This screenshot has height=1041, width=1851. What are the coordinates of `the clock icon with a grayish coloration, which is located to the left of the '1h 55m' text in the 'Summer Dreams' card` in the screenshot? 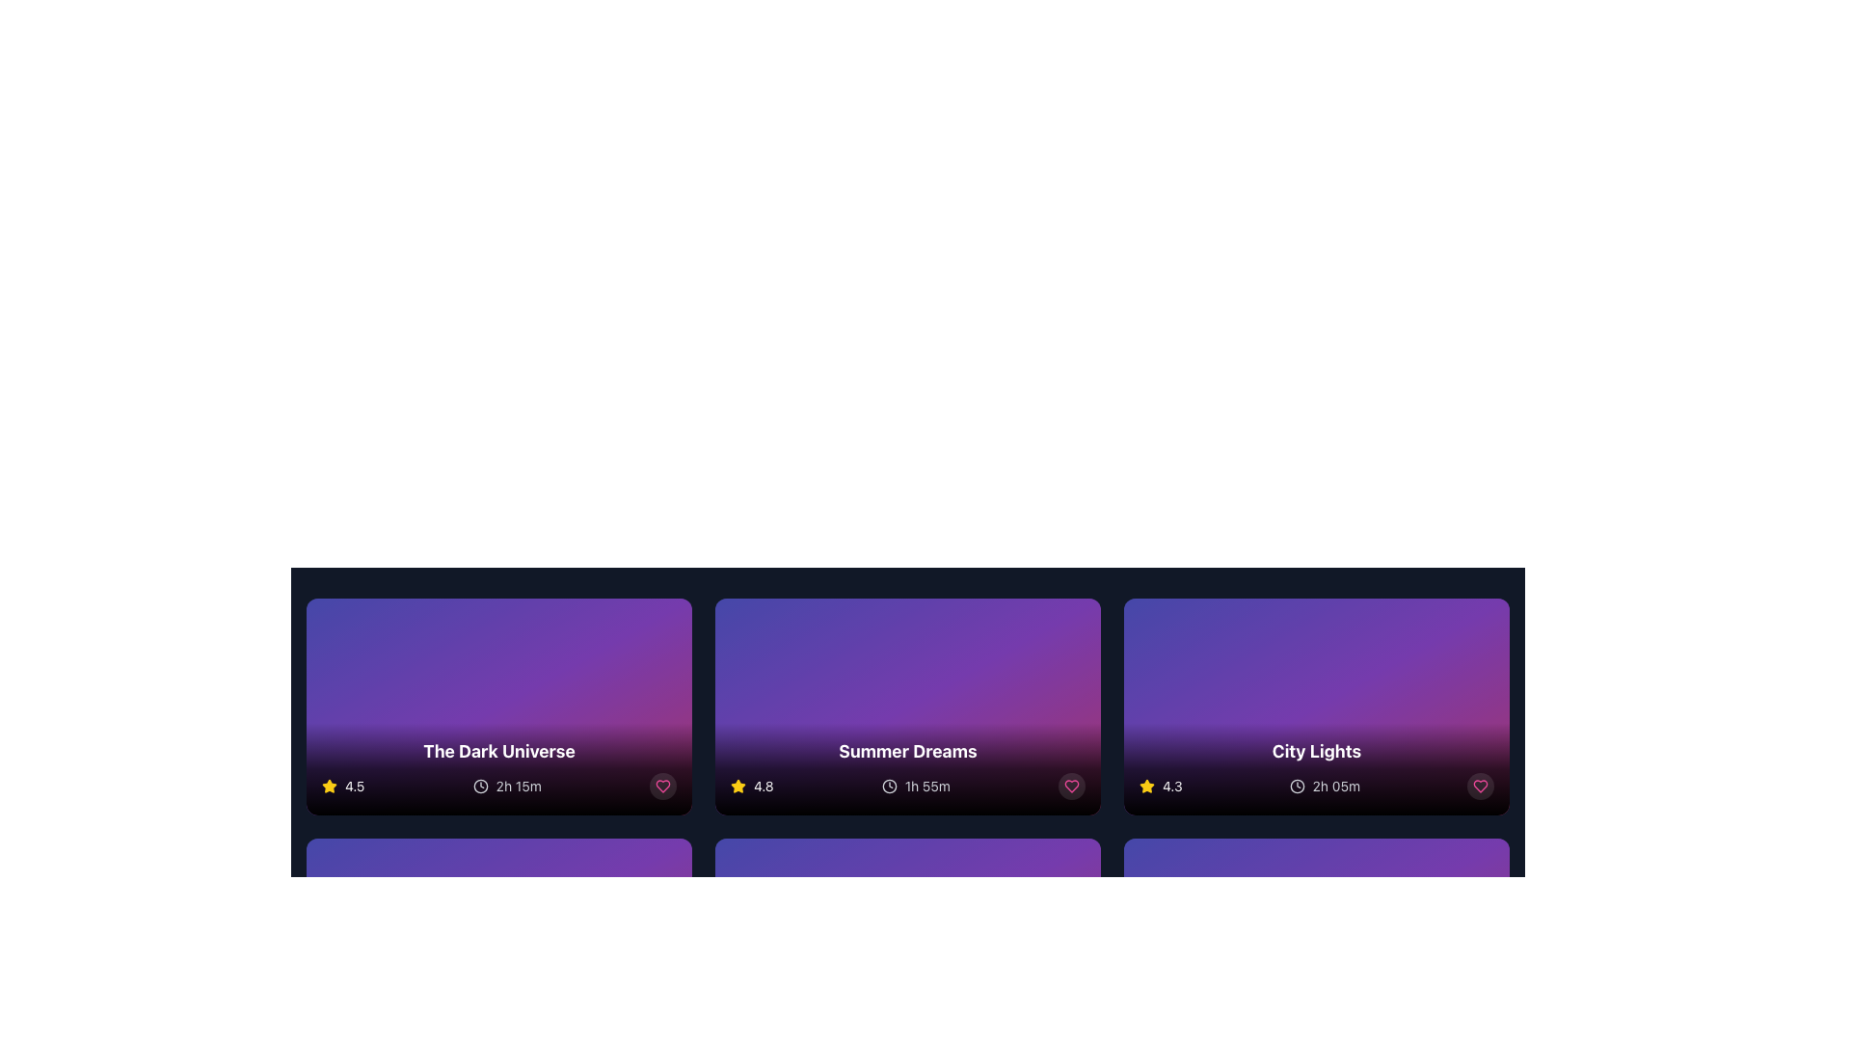 It's located at (888, 787).